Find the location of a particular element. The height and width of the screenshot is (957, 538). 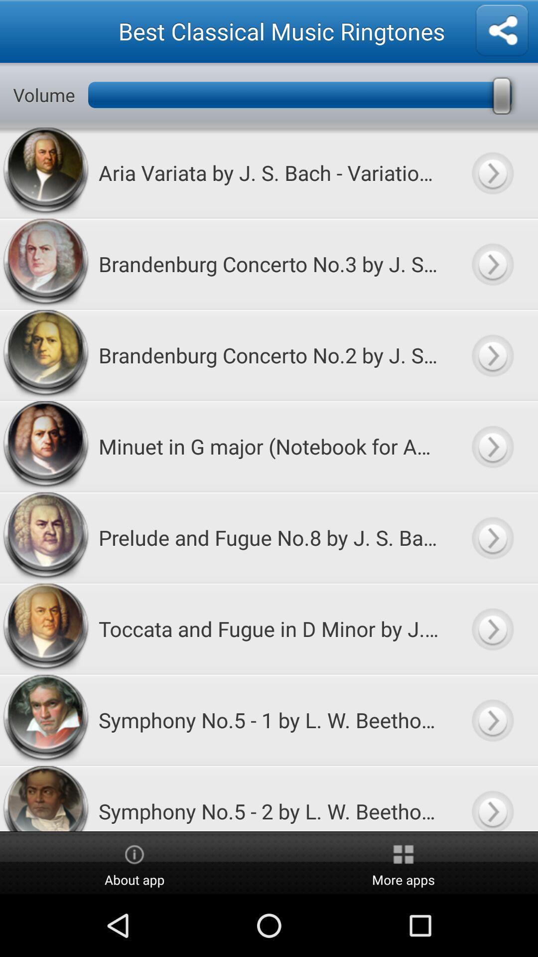

ringtone options is located at coordinates (502, 31).